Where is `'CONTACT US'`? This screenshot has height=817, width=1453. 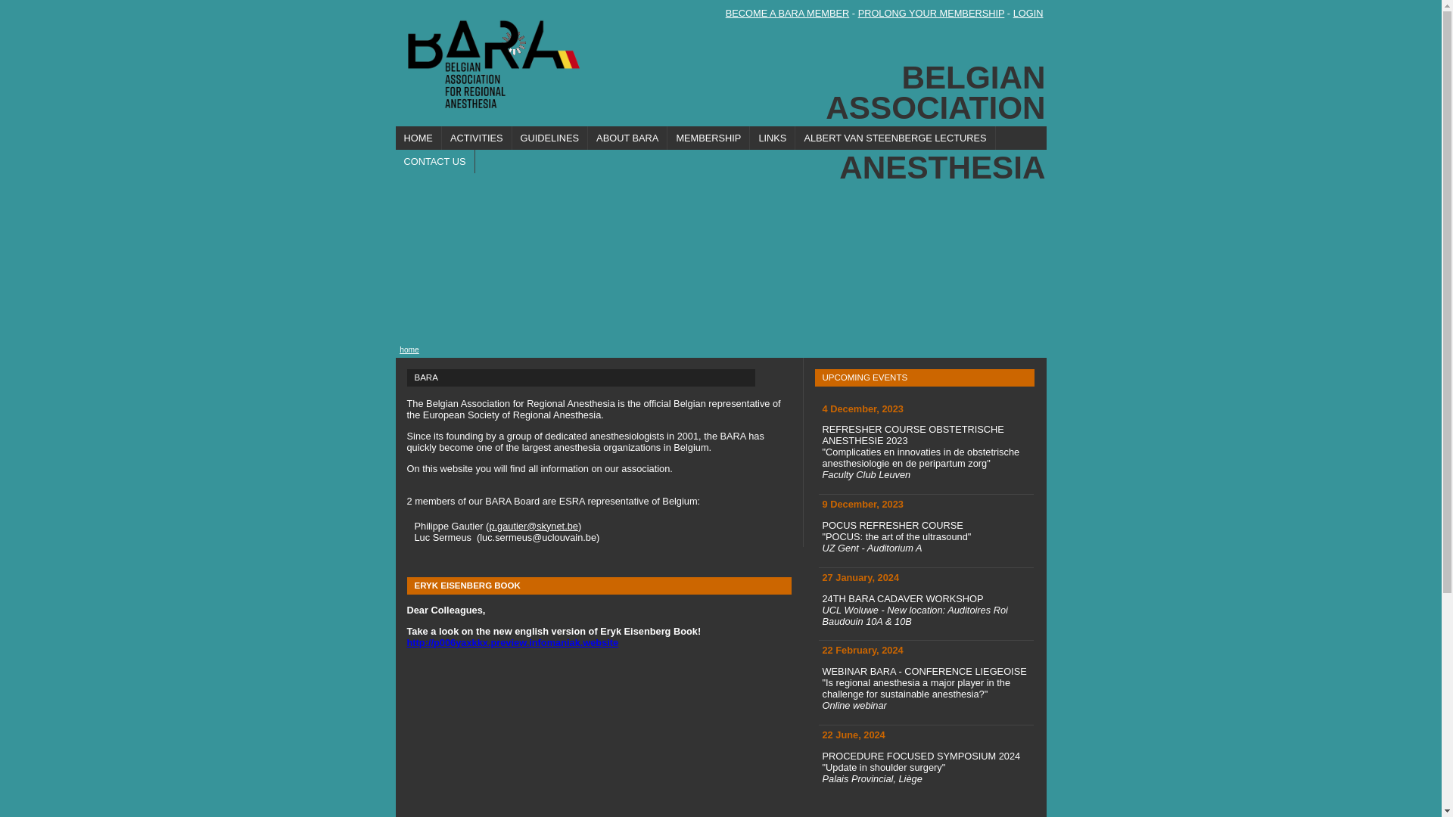
'CONTACT US' is located at coordinates (434, 161).